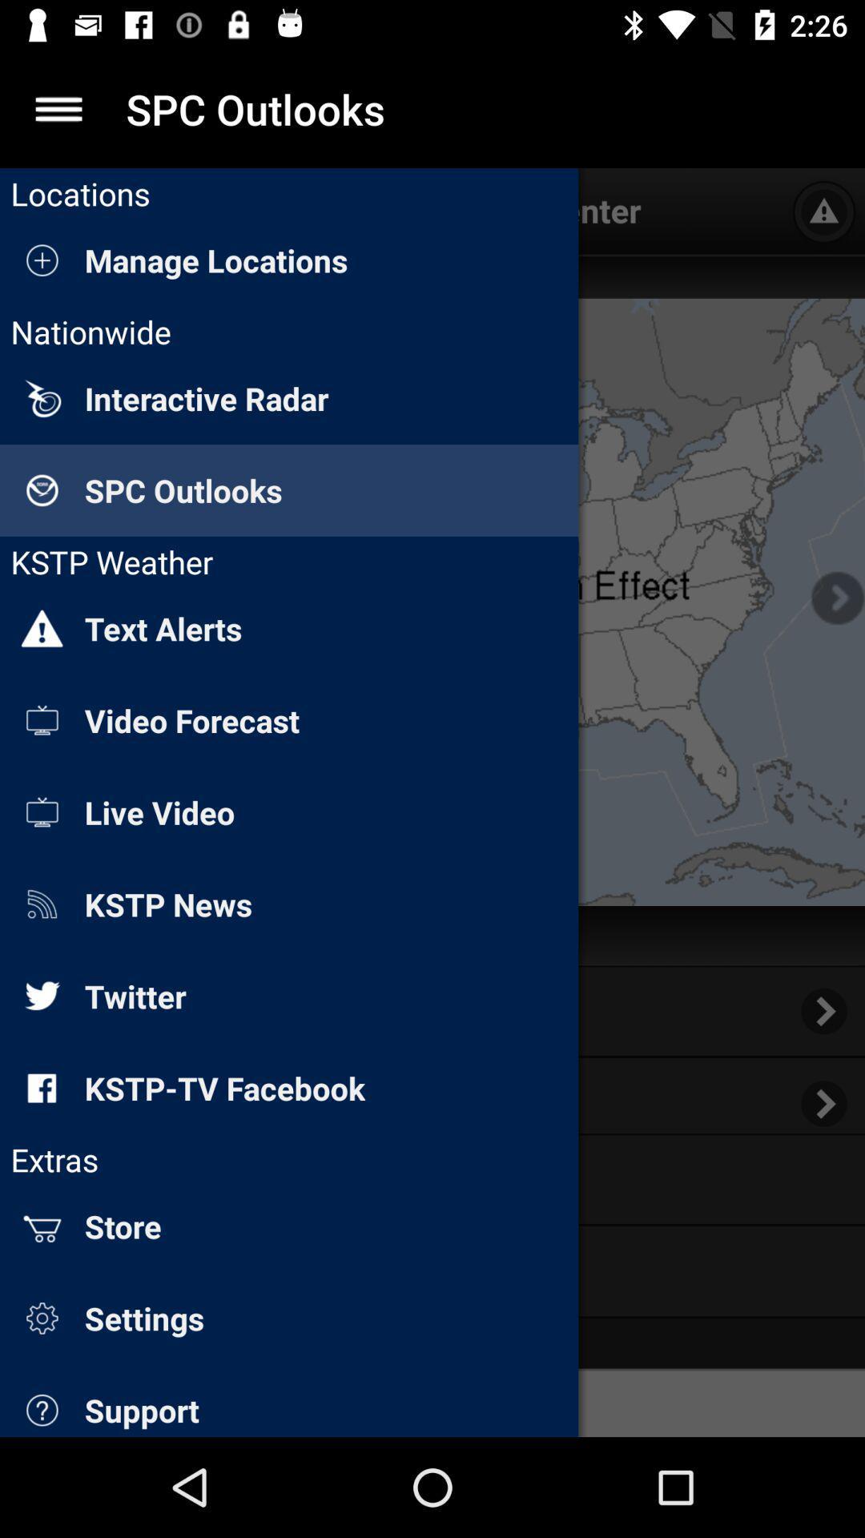  I want to click on the icon to the left of spc outlooks icon, so click(58, 108).